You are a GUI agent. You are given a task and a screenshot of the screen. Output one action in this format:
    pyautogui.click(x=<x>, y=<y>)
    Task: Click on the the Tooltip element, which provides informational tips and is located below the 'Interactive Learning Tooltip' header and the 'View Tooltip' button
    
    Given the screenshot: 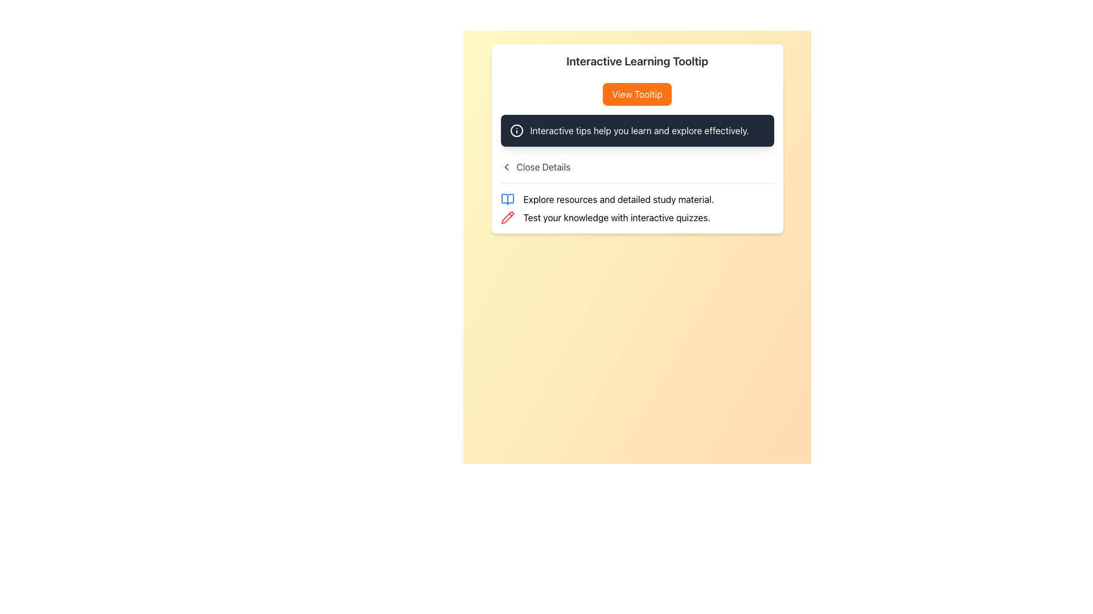 What is the action you would take?
    pyautogui.click(x=636, y=130)
    